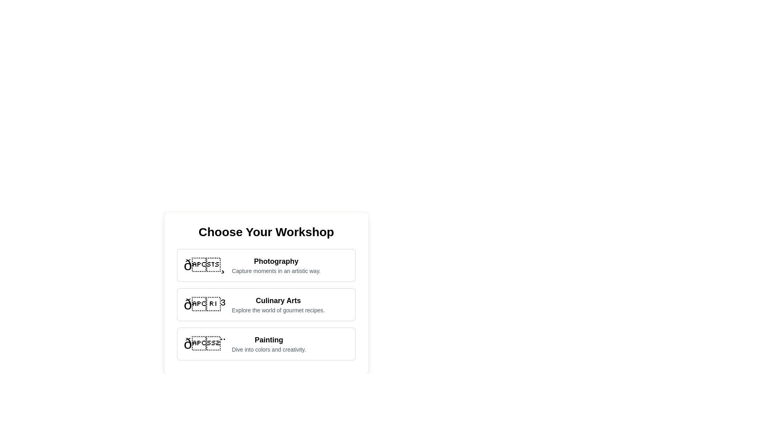  Describe the element at coordinates (276, 261) in the screenshot. I see `the text element 'Photography', which is bold, large, and aligned left, located within the first group under 'Choose Your Workshop'` at that location.